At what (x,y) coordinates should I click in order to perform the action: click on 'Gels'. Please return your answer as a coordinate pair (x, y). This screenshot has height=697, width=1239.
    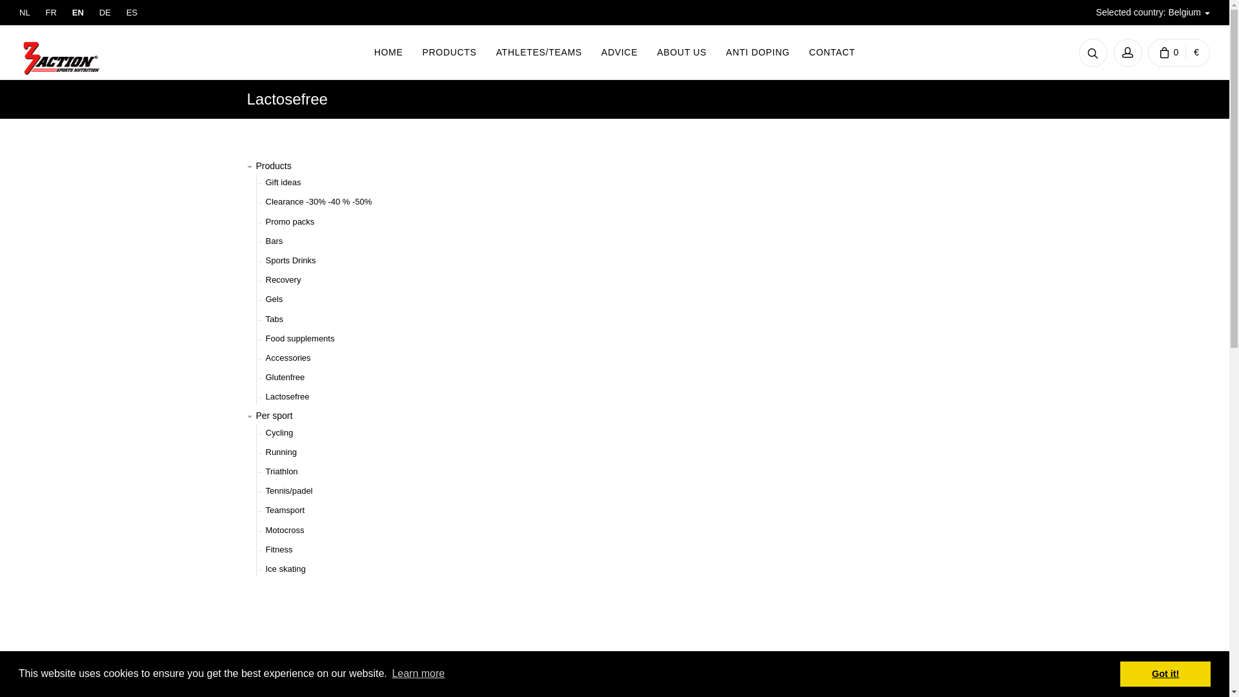
    Looking at the image, I should click on (274, 299).